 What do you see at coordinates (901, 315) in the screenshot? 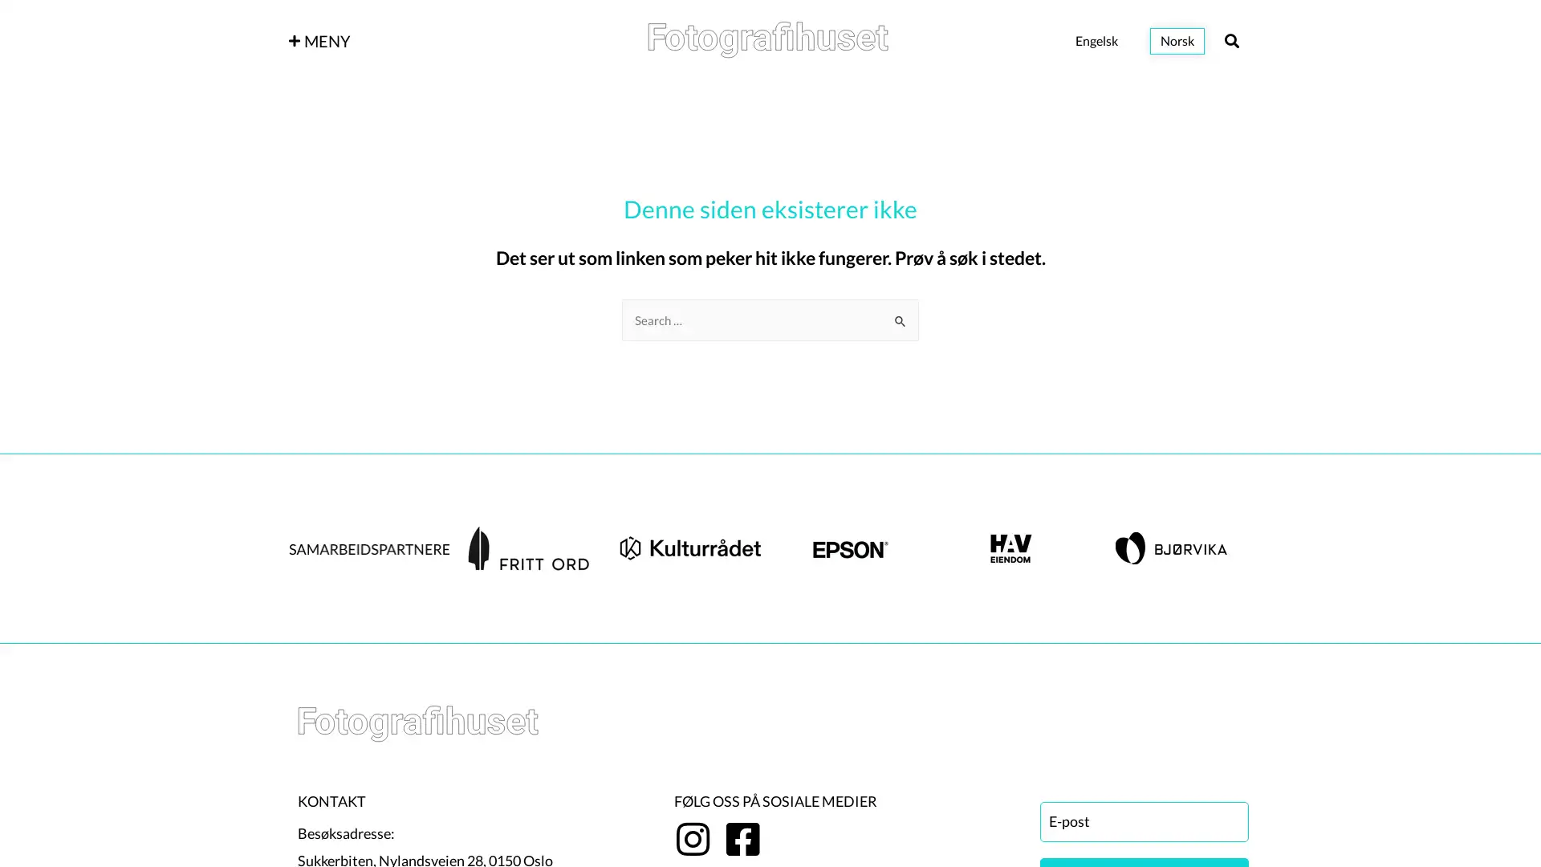
I see `Sk` at bounding box center [901, 315].